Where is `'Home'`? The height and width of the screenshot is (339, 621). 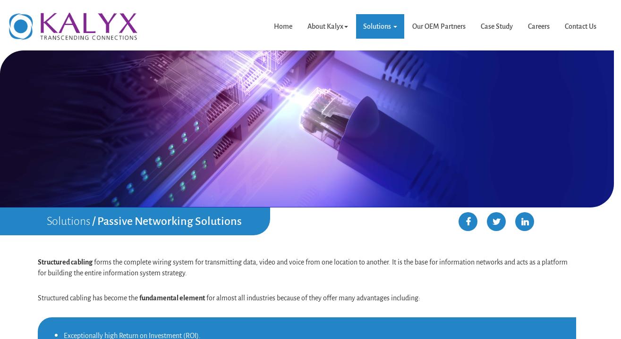 'Home' is located at coordinates (283, 26).